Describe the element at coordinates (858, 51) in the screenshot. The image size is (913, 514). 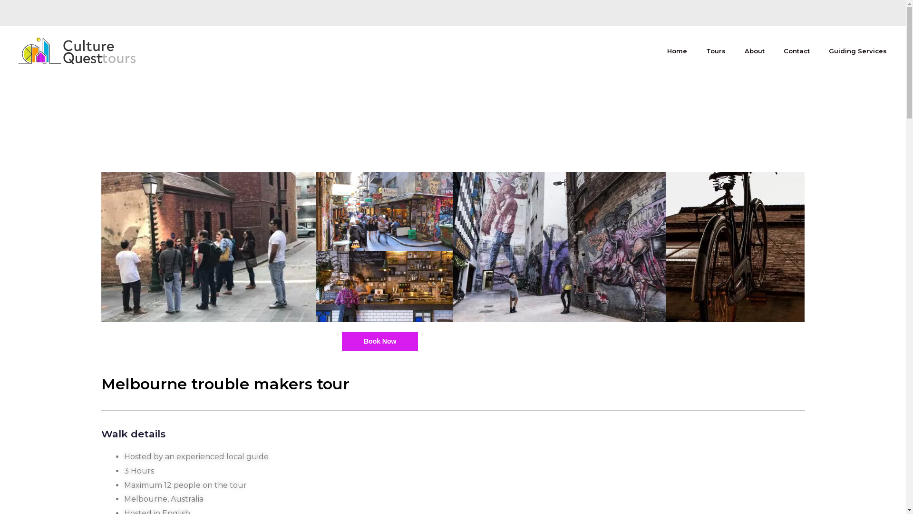
I see `'Guiding Services'` at that location.